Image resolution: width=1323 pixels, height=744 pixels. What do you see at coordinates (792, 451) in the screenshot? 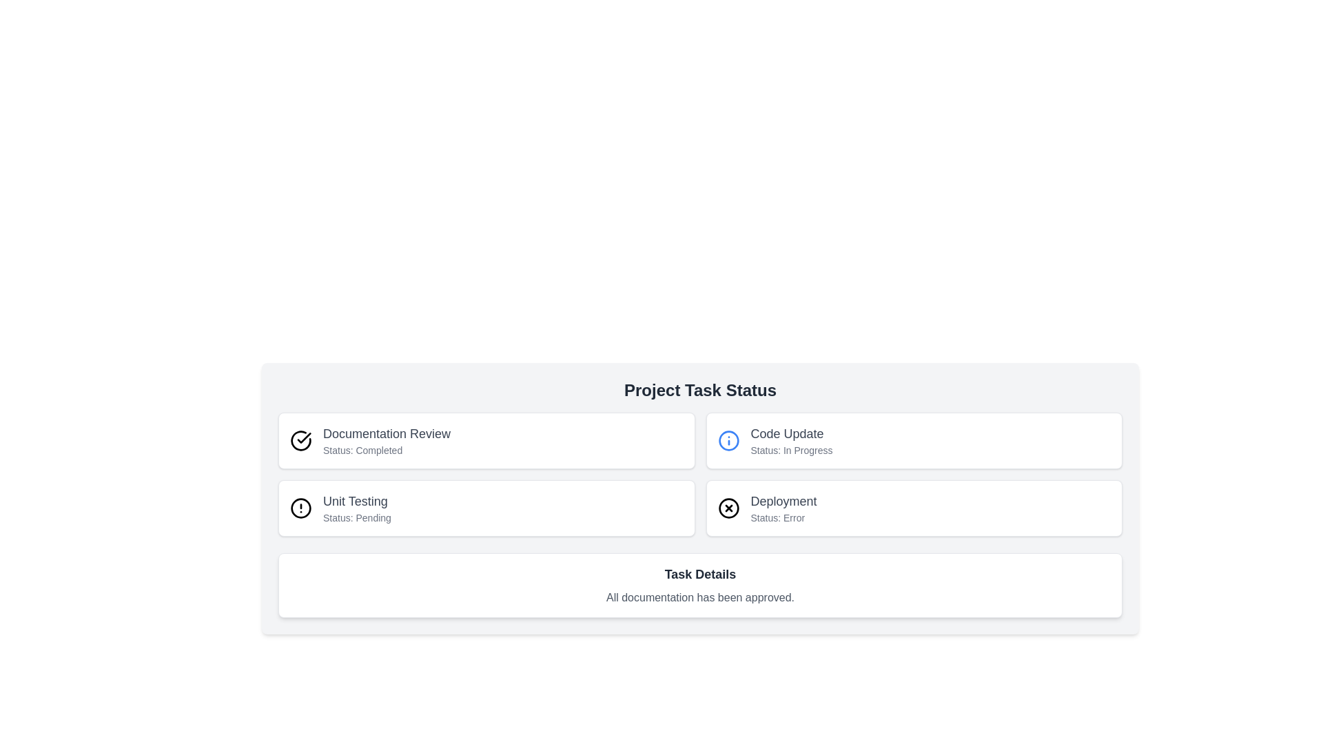
I see `the informational Text label displaying the current status of the task 'In Progress', located below the header text 'Code Update' in the top-right quadrant of the interface` at bounding box center [792, 451].